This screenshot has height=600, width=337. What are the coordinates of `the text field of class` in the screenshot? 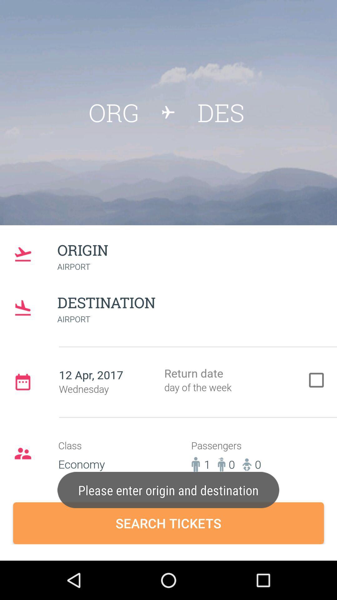 It's located at (106, 459).